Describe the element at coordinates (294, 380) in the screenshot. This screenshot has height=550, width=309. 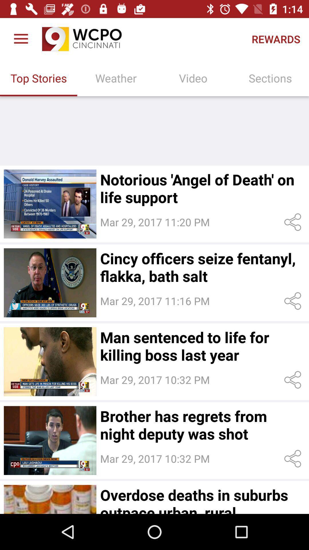
I see `open link` at that location.